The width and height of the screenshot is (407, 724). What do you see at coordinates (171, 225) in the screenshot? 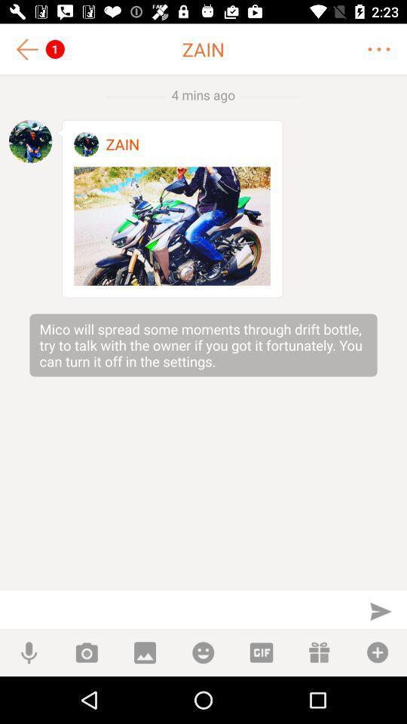
I see `photo` at bounding box center [171, 225].